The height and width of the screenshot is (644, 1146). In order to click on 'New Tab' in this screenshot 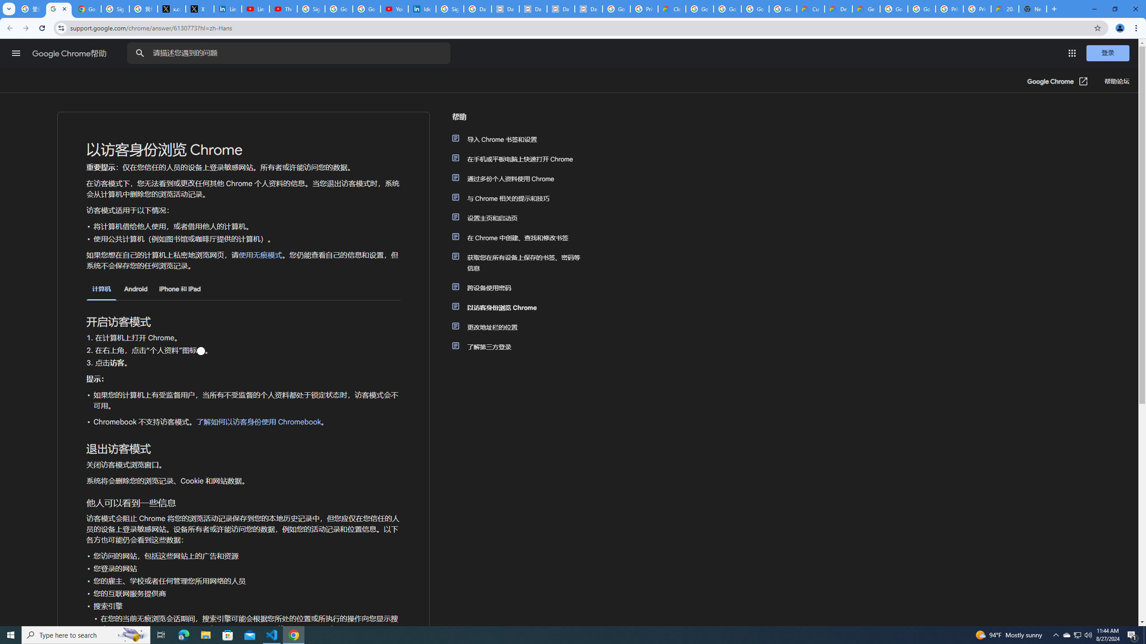, I will do `click(1033, 8)`.